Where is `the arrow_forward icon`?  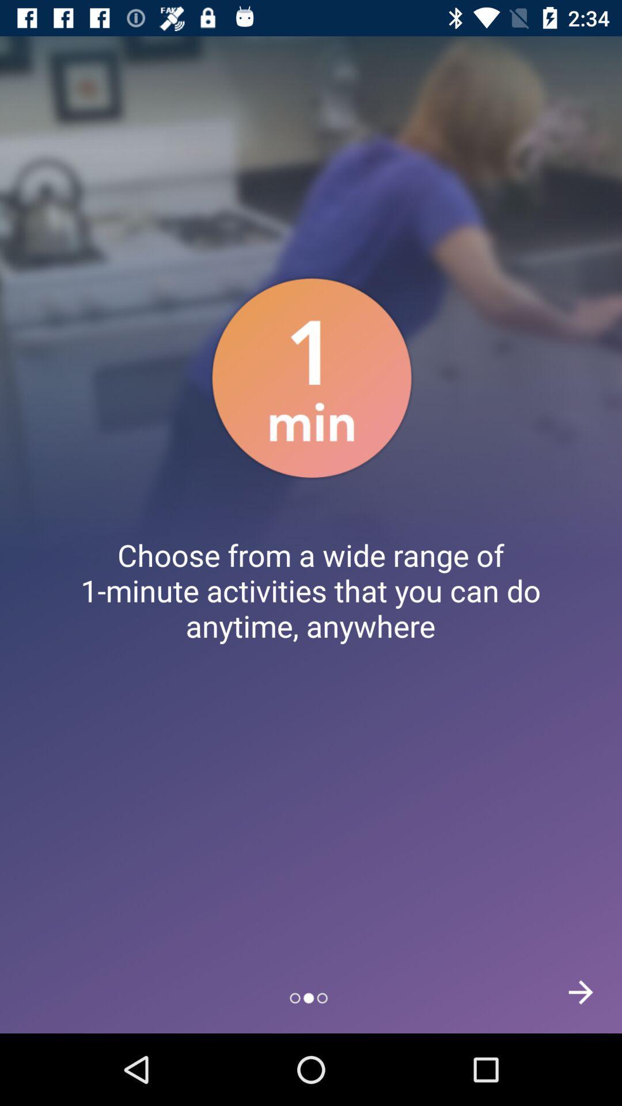
the arrow_forward icon is located at coordinates (581, 991).